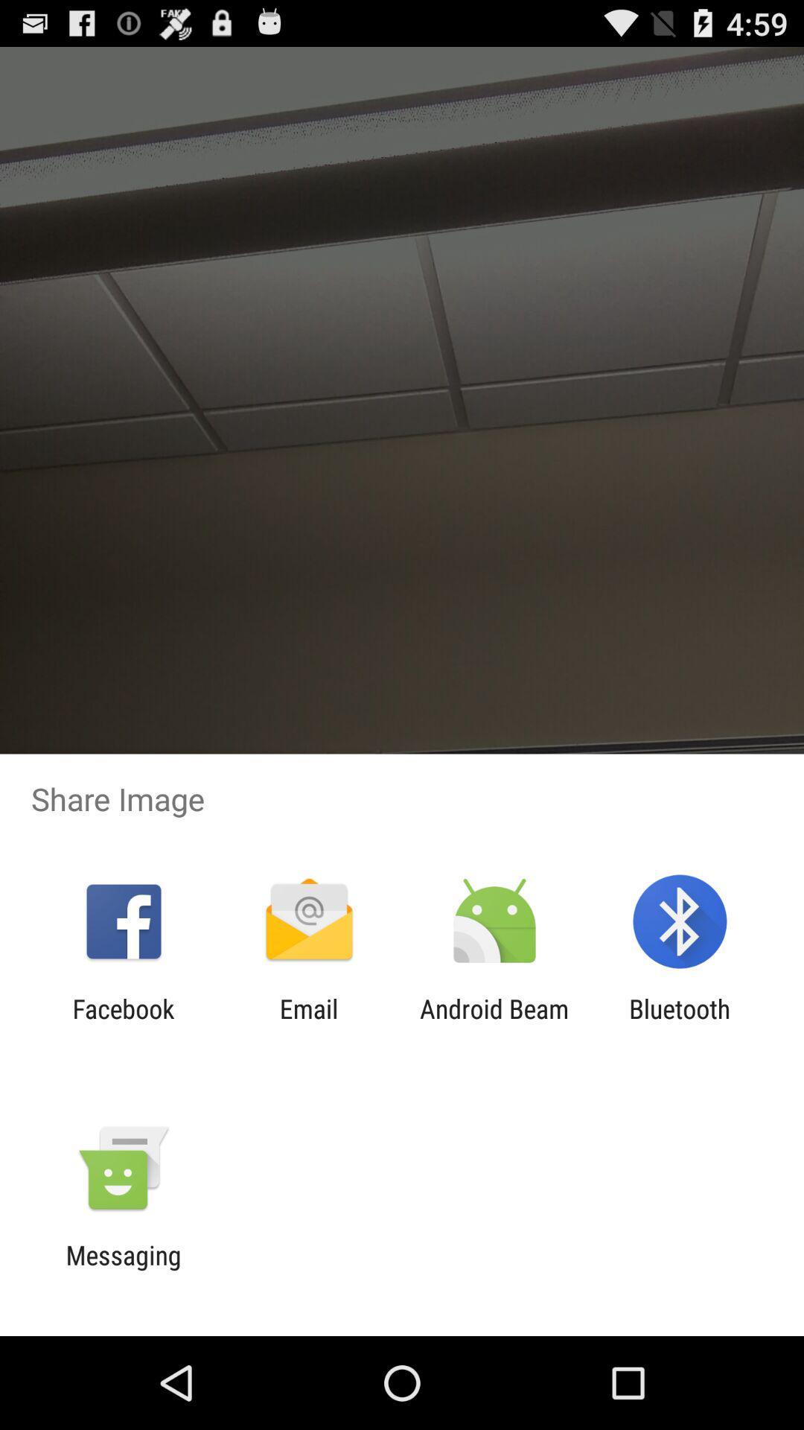  What do you see at coordinates (680, 1023) in the screenshot?
I see `the icon to the right of android beam item` at bounding box center [680, 1023].